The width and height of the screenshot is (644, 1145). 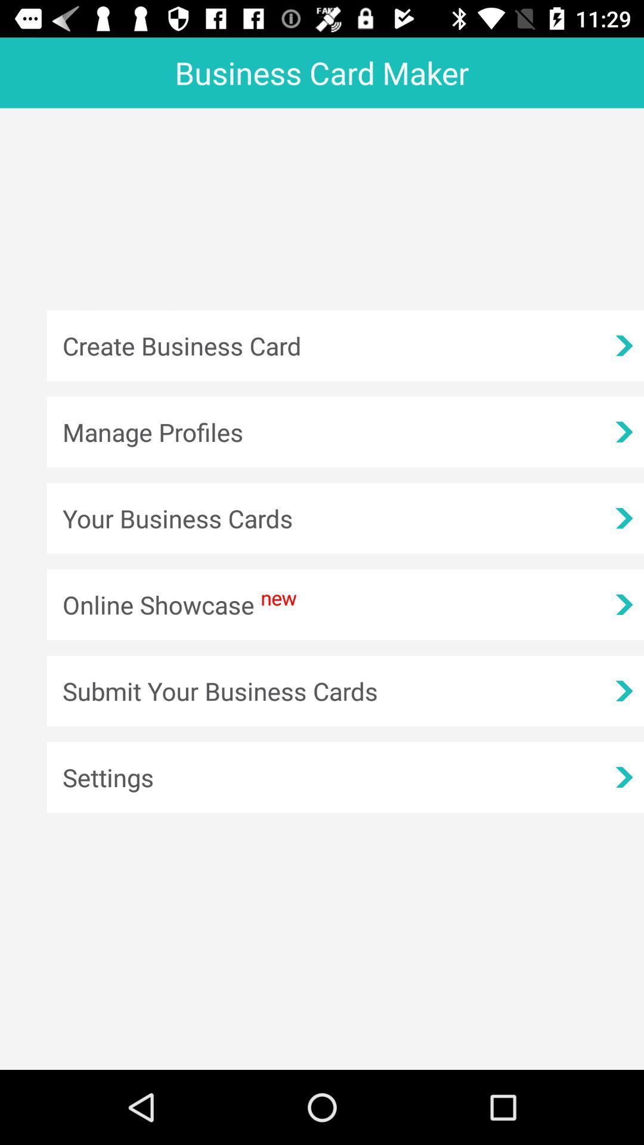 What do you see at coordinates (345, 777) in the screenshot?
I see `the settings option` at bounding box center [345, 777].